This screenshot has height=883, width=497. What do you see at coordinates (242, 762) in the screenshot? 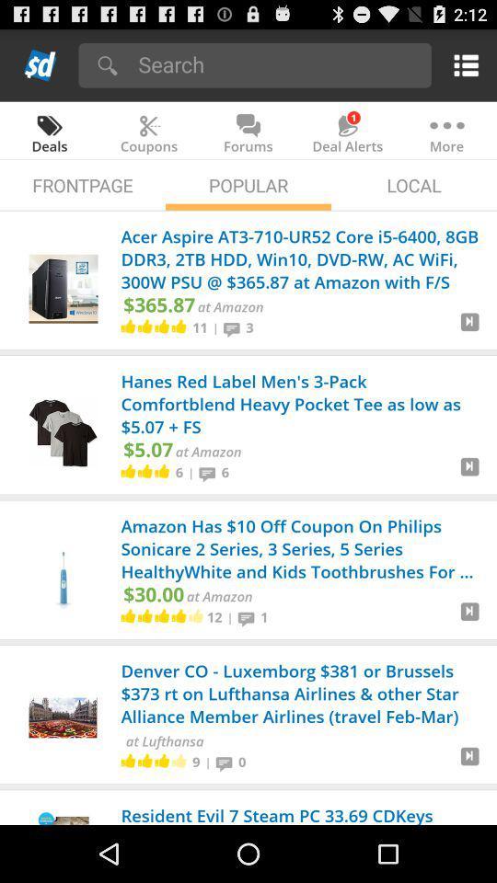
I see `the 0 item` at bounding box center [242, 762].